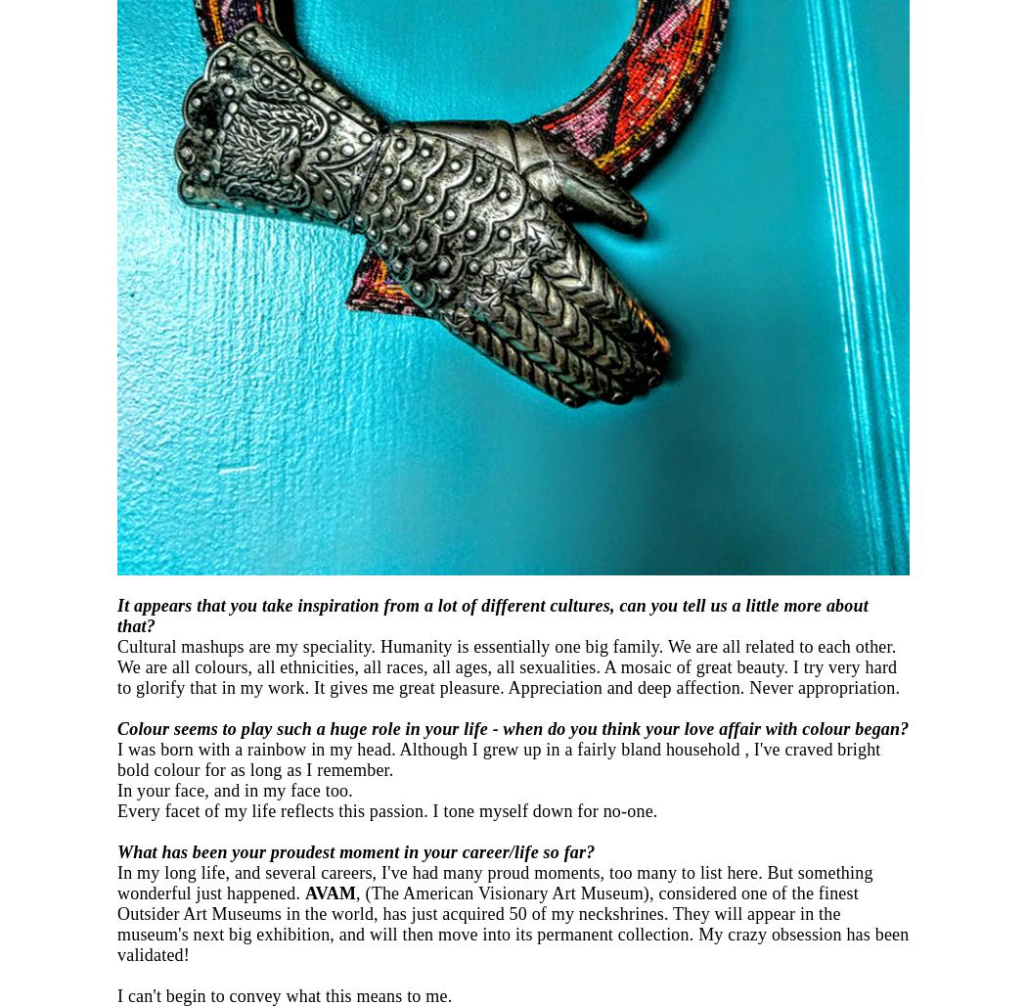 The width and height of the screenshot is (1027, 1006). Describe the element at coordinates (116, 666) in the screenshot. I see `'Cultural mashups are my speciality. Humanity is essentially one big family. We are all related to each other. We are all colours, all ethnicities, all races, all ages, all sexualities. A mosaic of great beauty.
I try very hard to glorify that in my work. It gives me great pleasure. Appreciation and deep affection. Never appropriation.'` at that location.